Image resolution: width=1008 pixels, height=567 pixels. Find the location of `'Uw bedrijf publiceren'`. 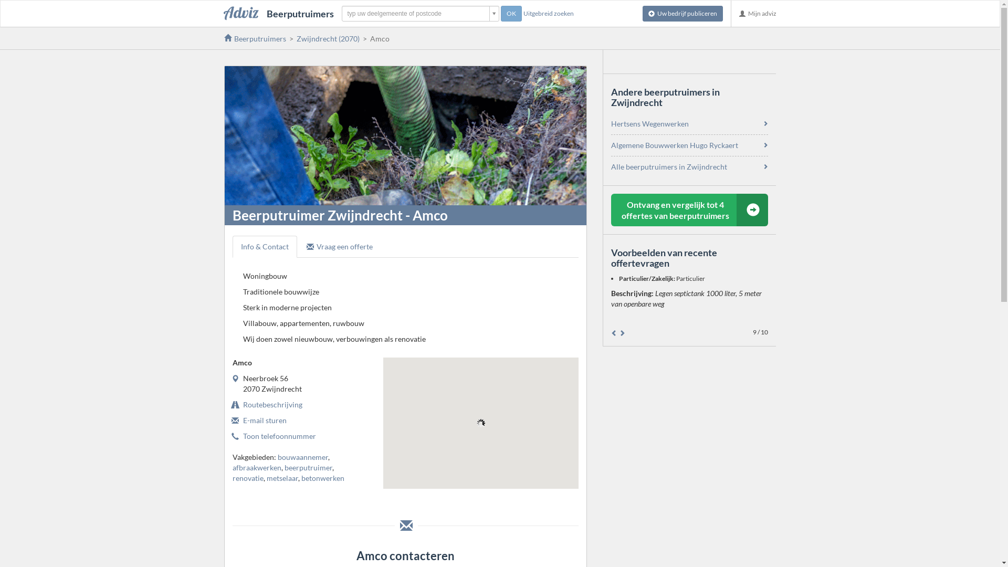

'Uw bedrijf publiceren' is located at coordinates (682, 14).